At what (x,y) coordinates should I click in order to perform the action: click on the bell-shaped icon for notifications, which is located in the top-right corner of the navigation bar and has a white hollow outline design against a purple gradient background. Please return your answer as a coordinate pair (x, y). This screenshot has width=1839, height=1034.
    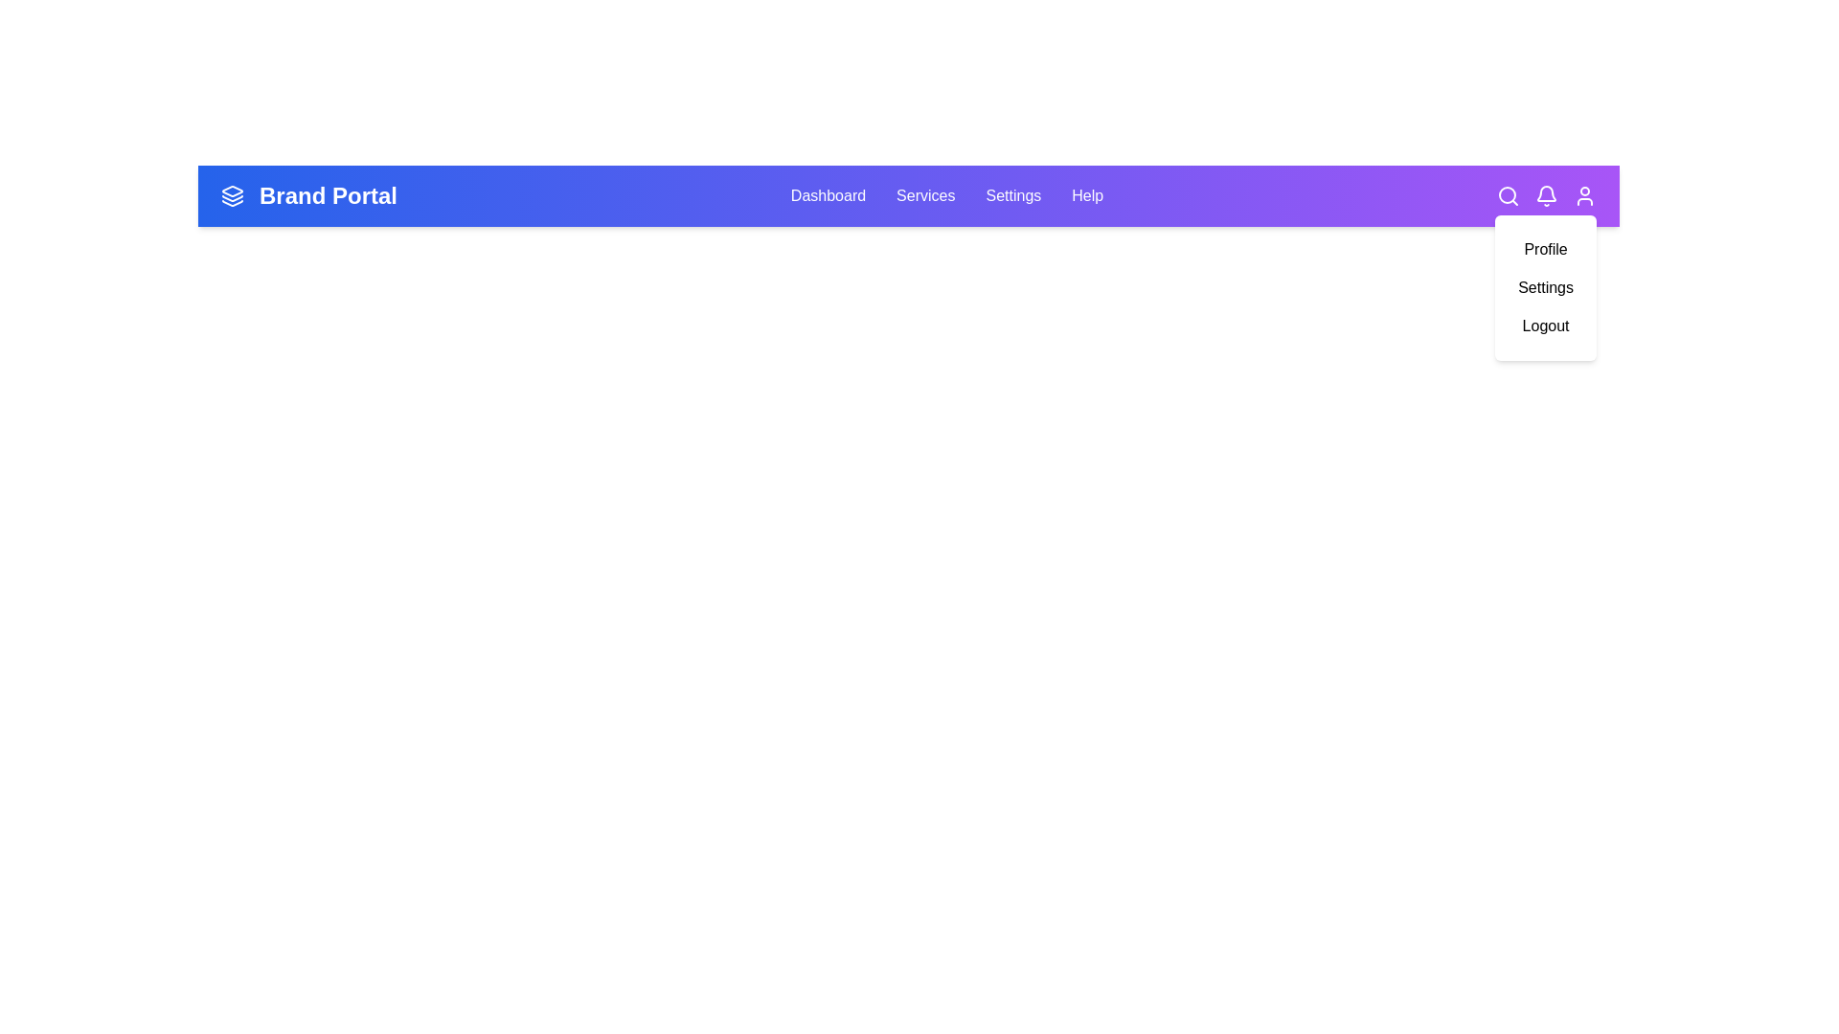
    Looking at the image, I should click on (1546, 193).